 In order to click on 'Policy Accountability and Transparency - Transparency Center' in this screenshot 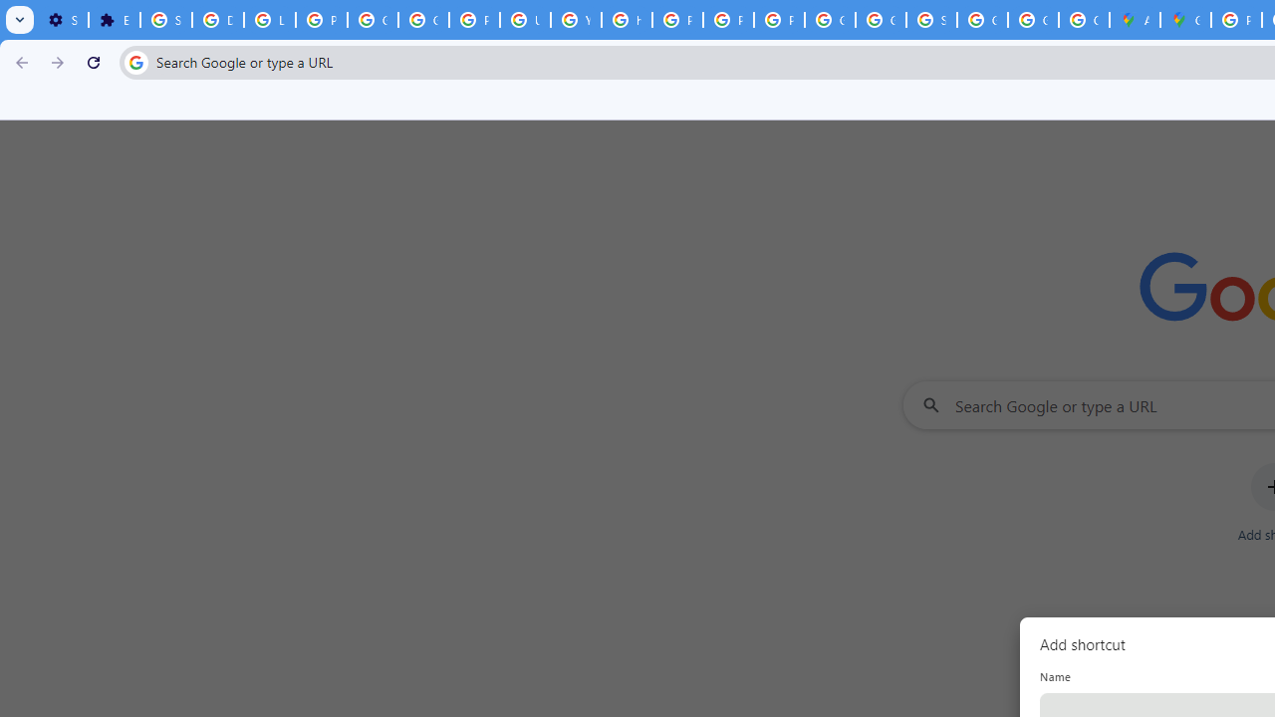, I will do `click(1235, 20)`.